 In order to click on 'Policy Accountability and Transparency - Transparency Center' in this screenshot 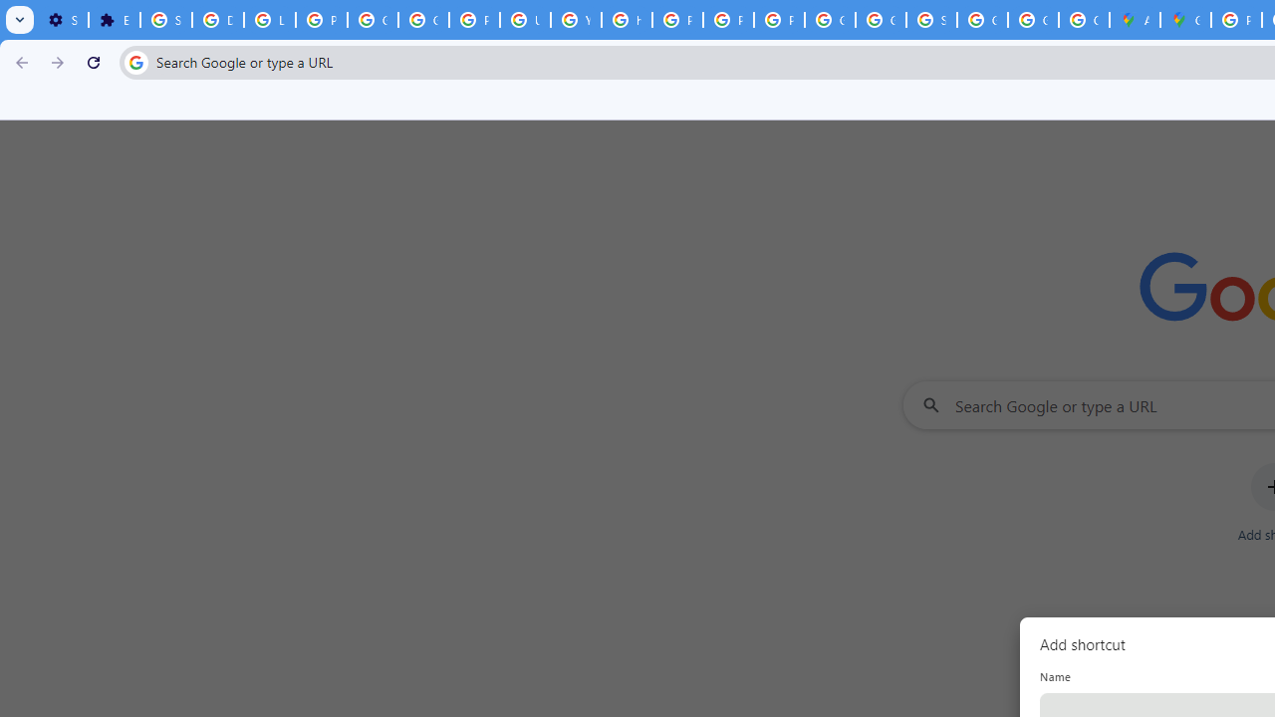, I will do `click(1235, 20)`.